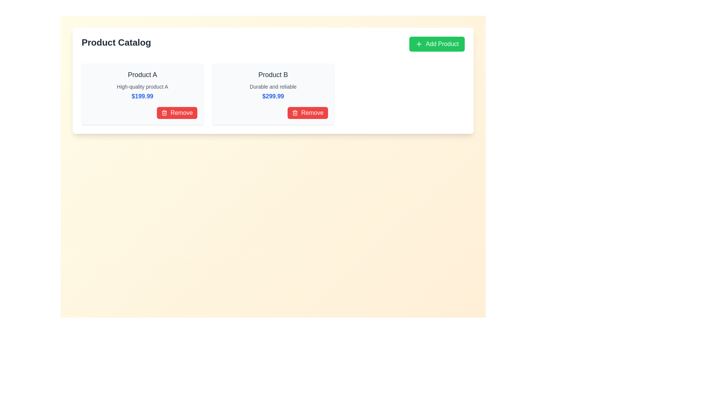 Image resolution: width=719 pixels, height=404 pixels. I want to click on the button located in the top-right corner of the header bar labeled 'Product Catalog', so click(437, 44).